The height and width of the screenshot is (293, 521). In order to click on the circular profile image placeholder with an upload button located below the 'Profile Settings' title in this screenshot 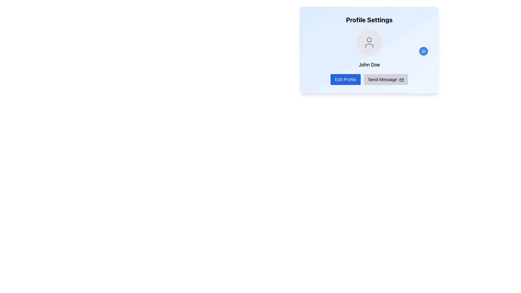, I will do `click(369, 42)`.